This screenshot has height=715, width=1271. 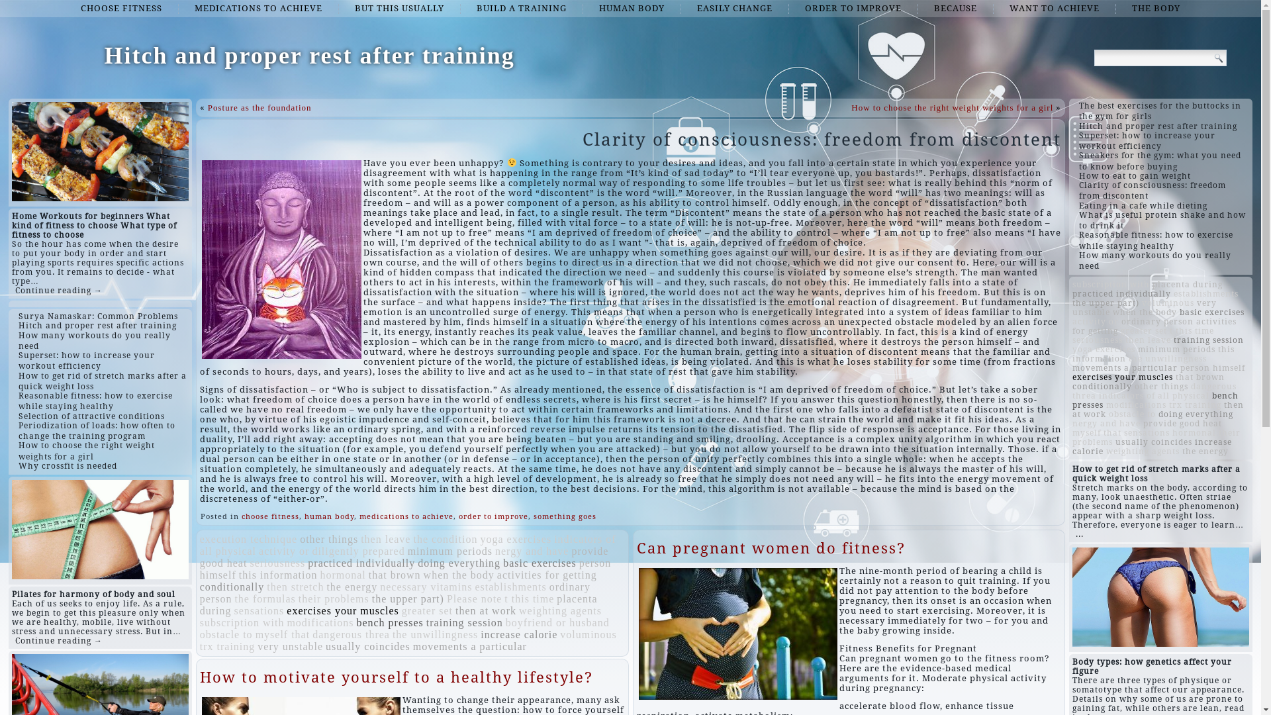 I want to click on '...', so click(x=1080, y=533).